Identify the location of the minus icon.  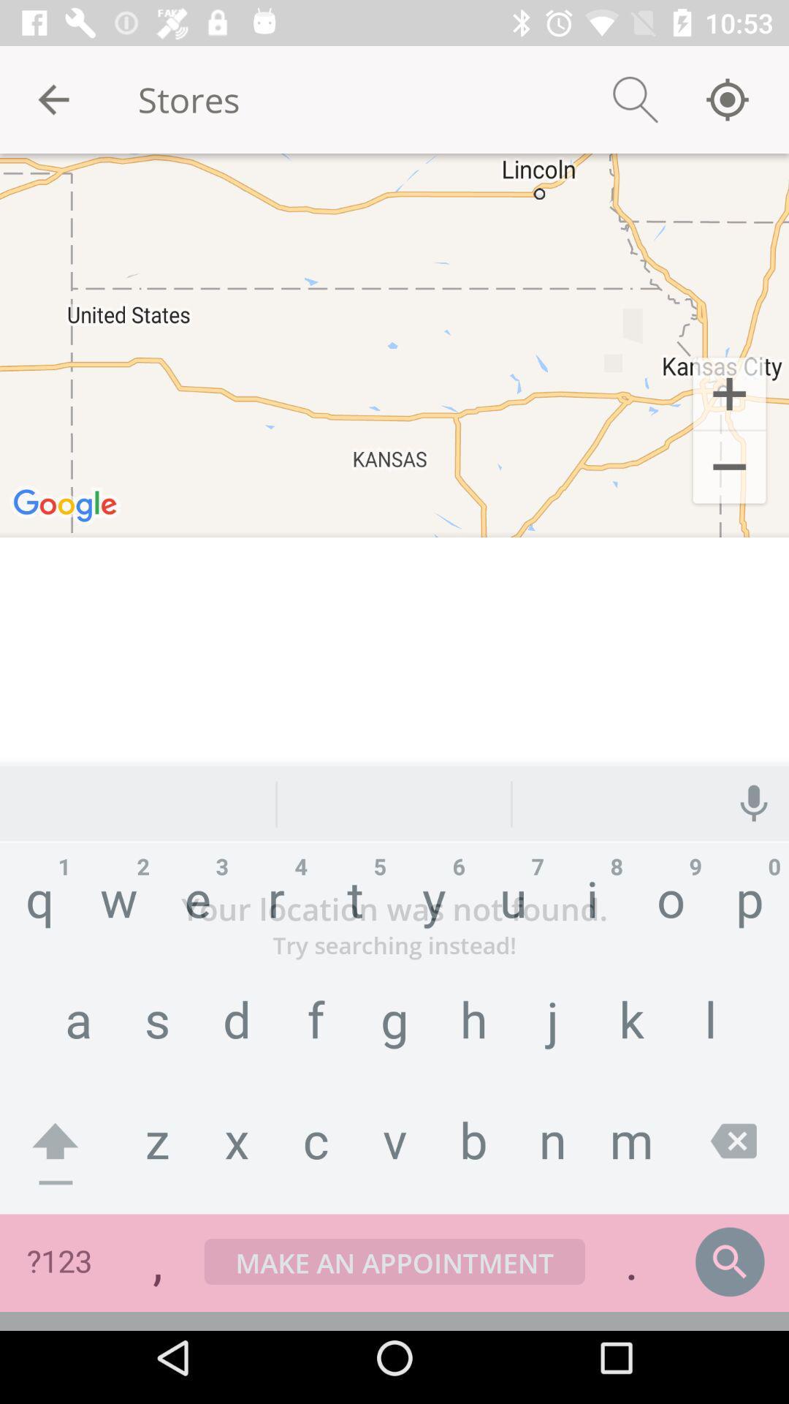
(729, 469).